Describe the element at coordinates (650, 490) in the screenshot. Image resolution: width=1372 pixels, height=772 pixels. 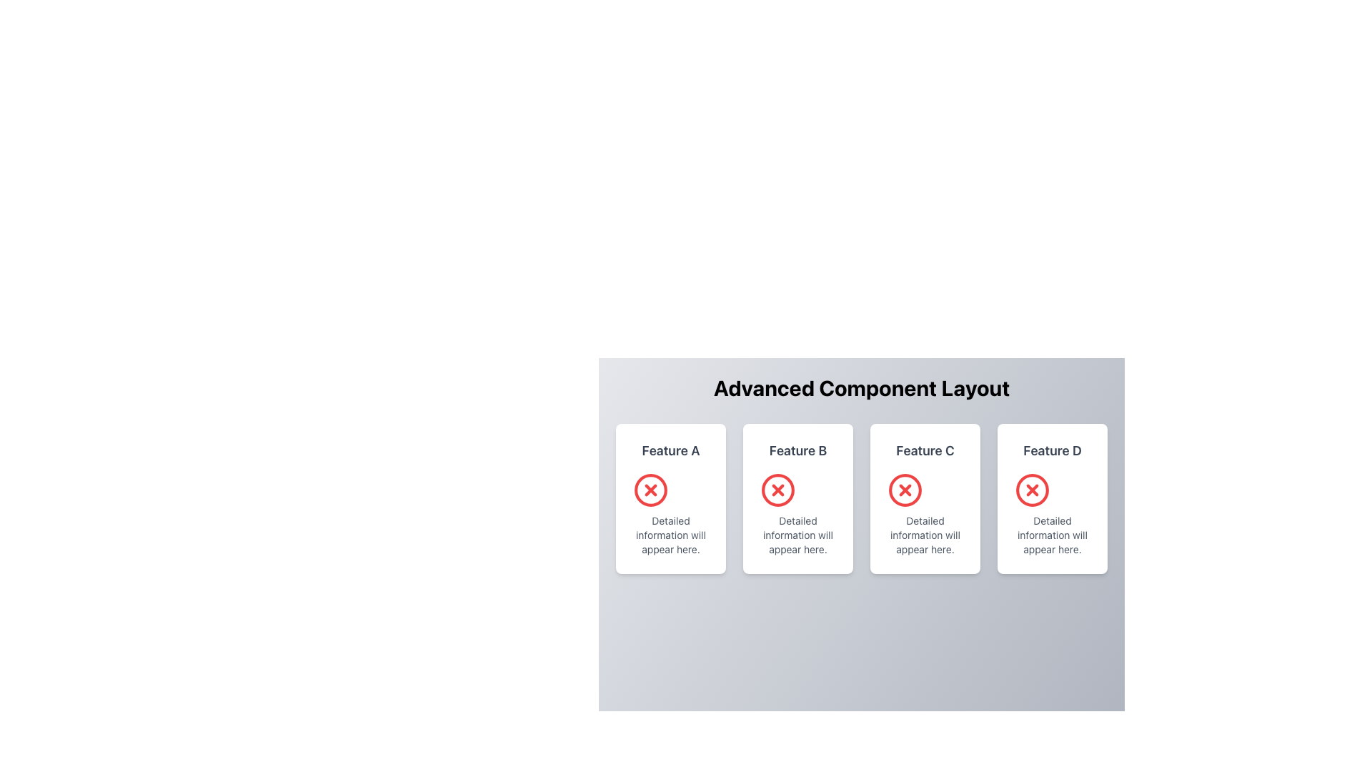
I see `the close or cancel icon located in the leftmost card labeled 'Feature A', centered horizontally and positioned below the title with spacing above the text 'Detailed information will appear here'` at that location.